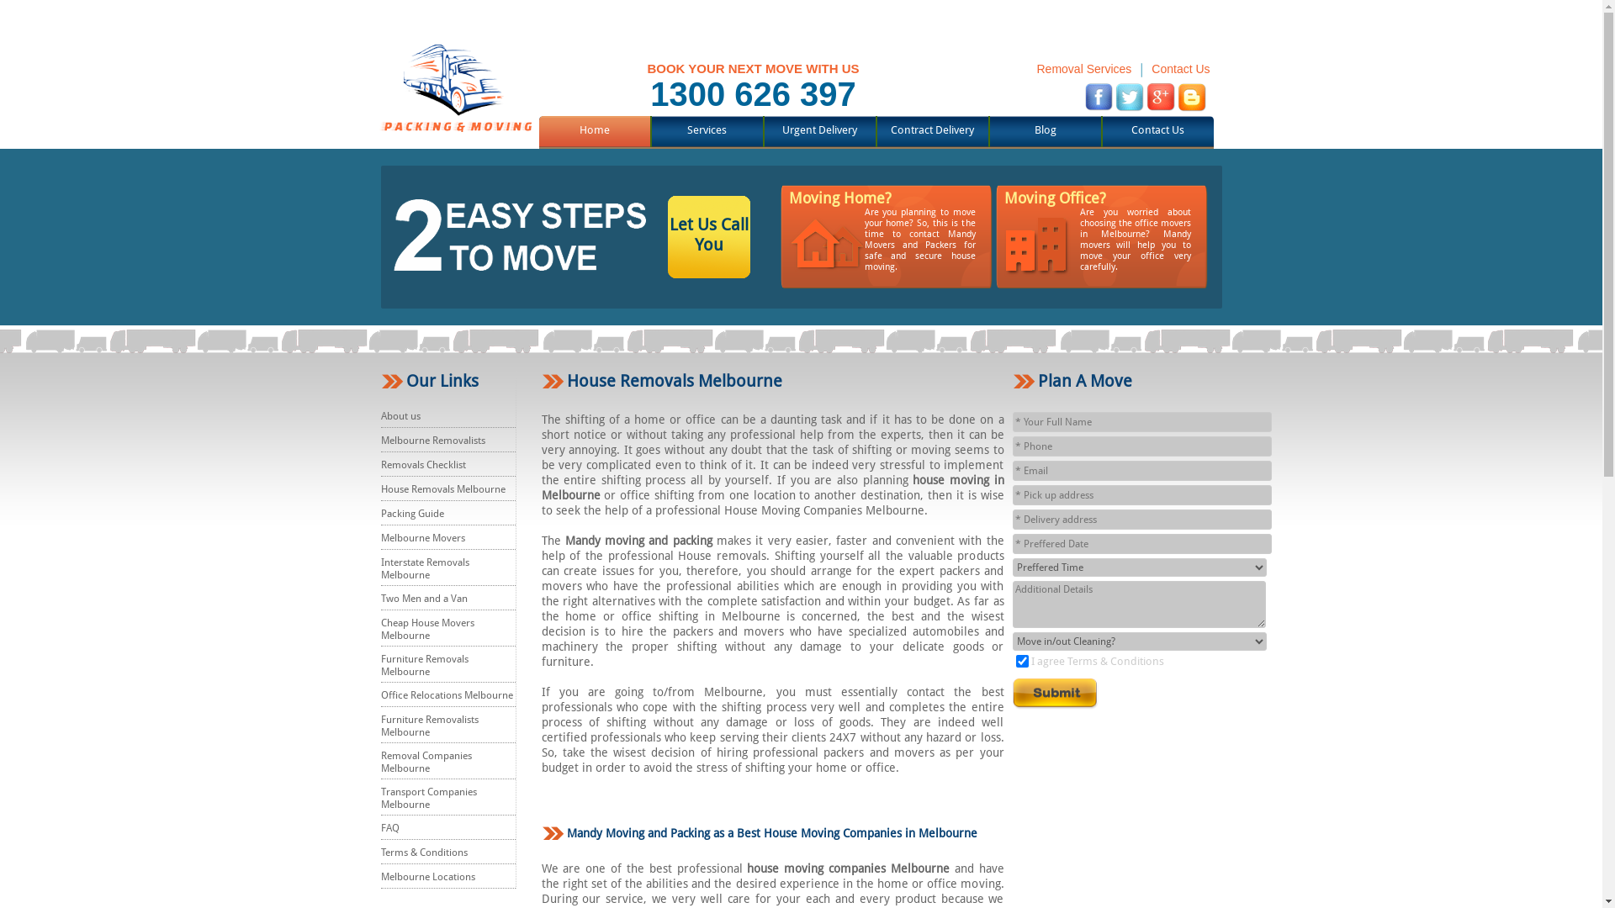 The image size is (1615, 908). I want to click on 'Removal Companies Melbourne', so click(425, 762).